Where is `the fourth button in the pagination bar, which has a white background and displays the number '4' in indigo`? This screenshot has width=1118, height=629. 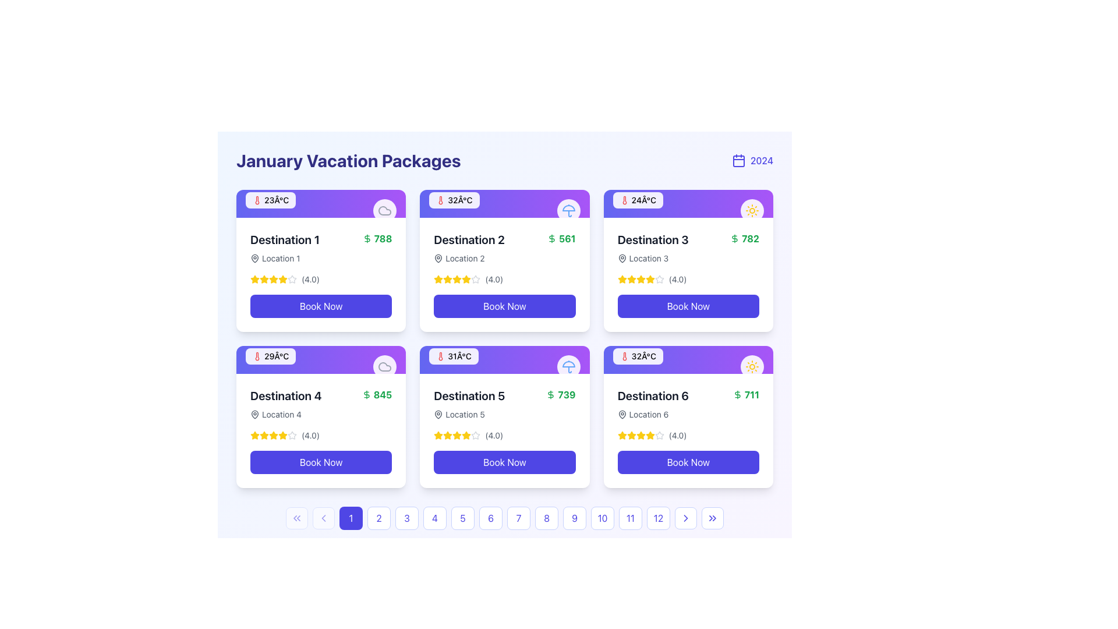
the fourth button in the pagination bar, which has a white background and displays the number '4' in indigo is located at coordinates (434, 518).